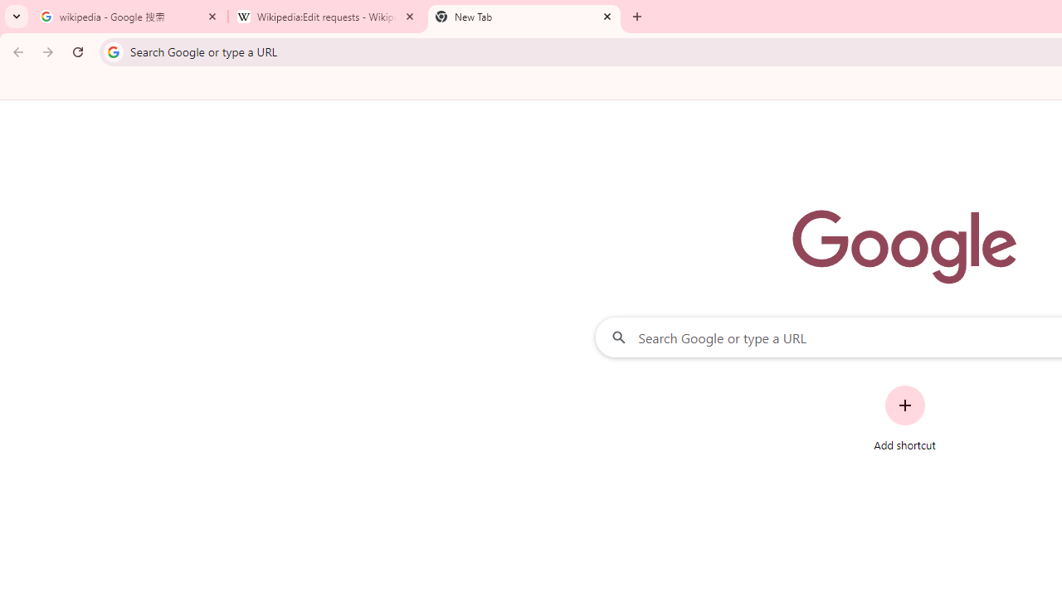 This screenshot has height=597, width=1062. Describe the element at coordinates (904, 418) in the screenshot. I see `'Add shortcut'` at that location.